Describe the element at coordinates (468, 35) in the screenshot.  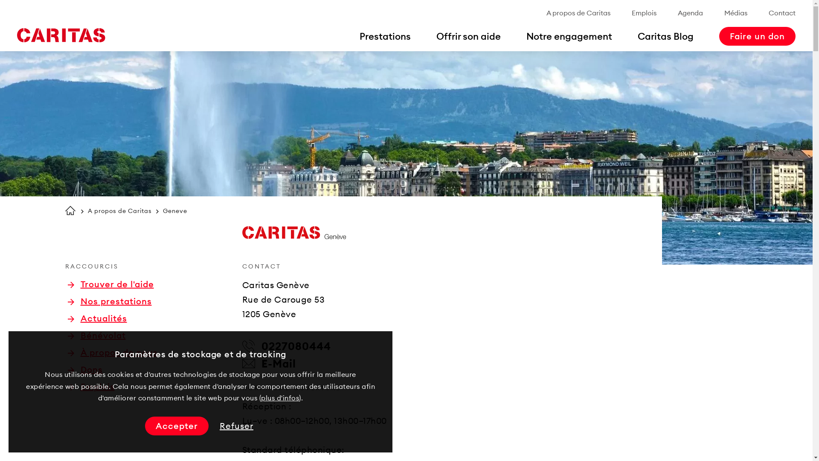
I see `'Offrir son aide'` at that location.